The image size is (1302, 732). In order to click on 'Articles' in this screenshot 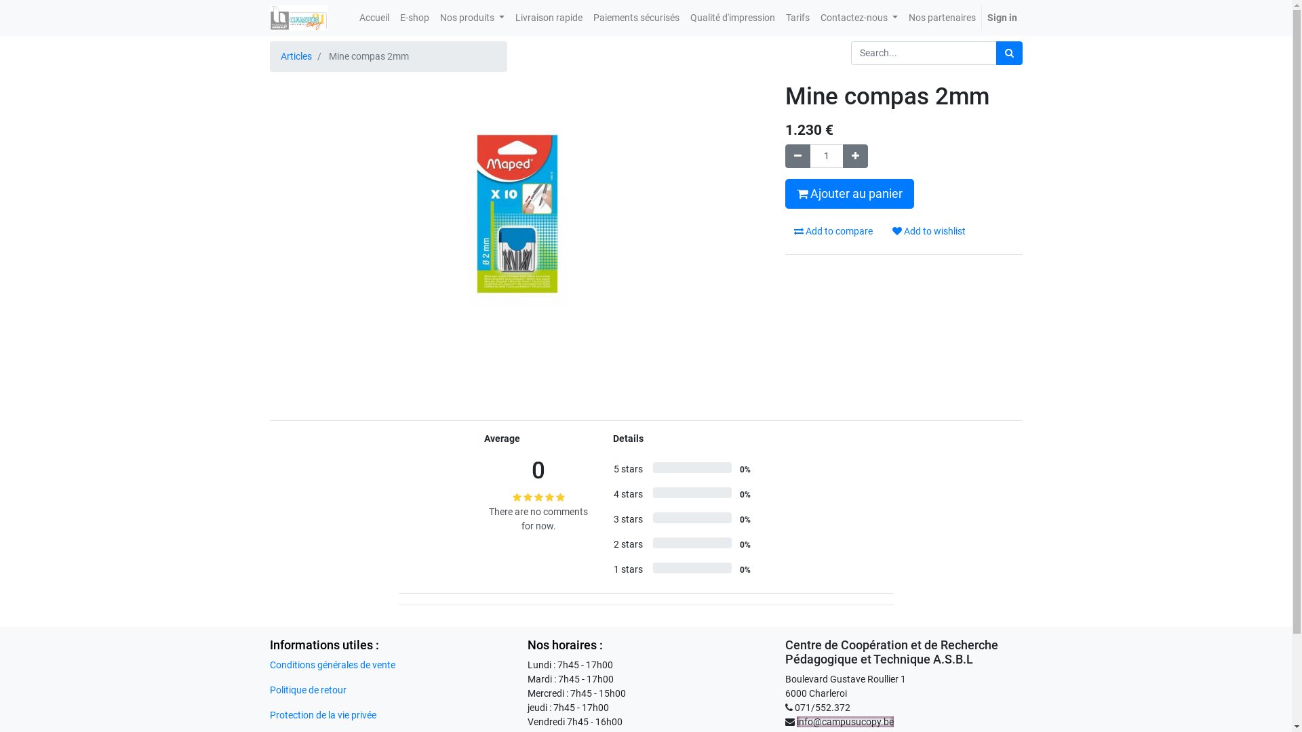, I will do `click(295, 56)`.